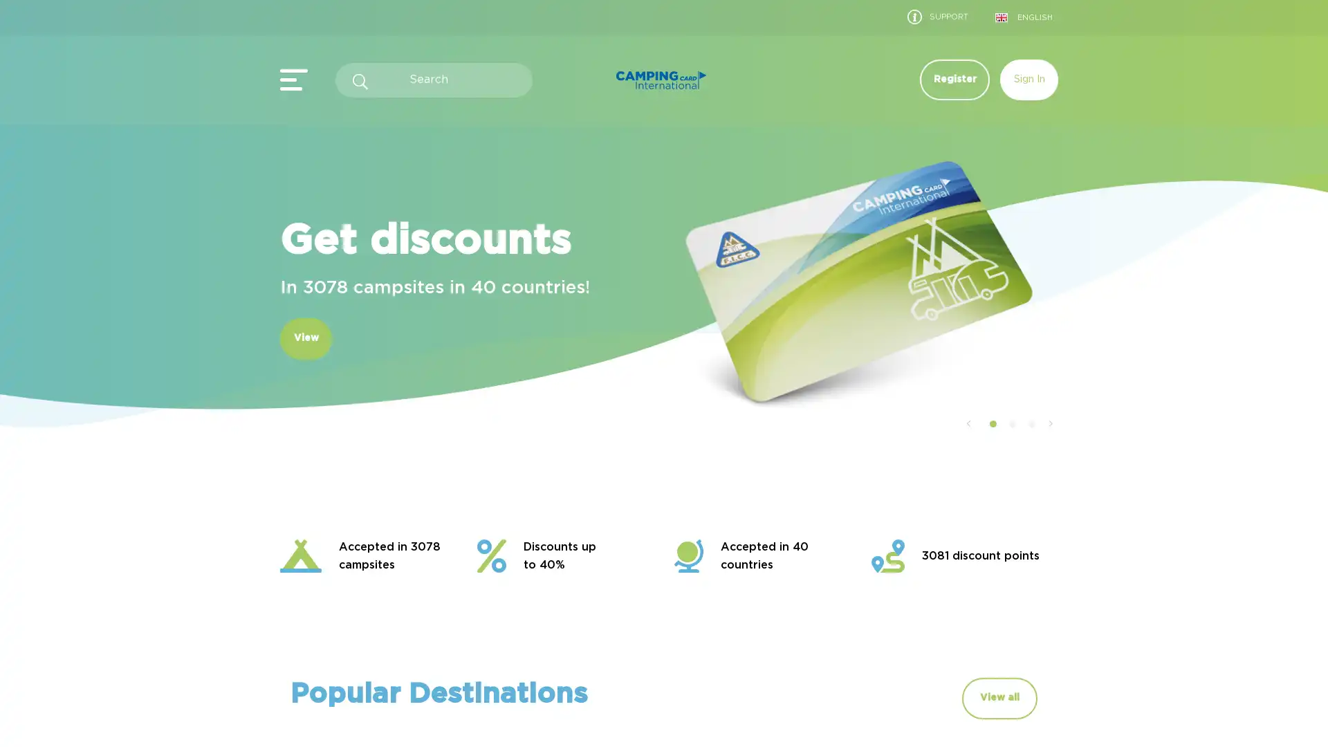  Describe the element at coordinates (967, 423) in the screenshot. I see `Previous` at that location.